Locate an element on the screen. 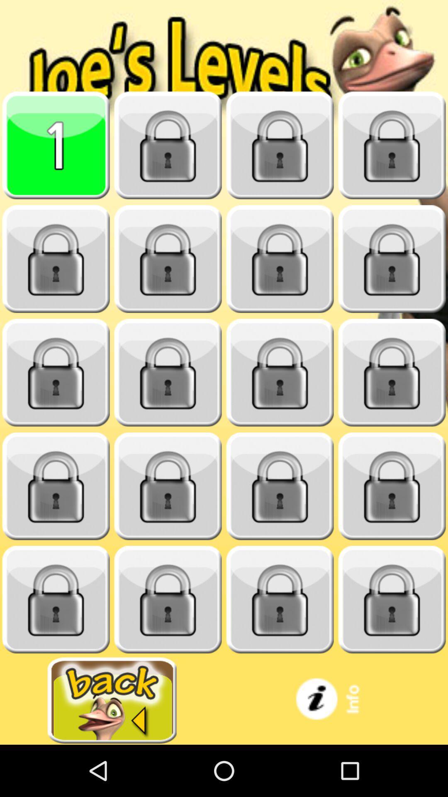 The height and width of the screenshot is (797, 448). unlock next level is located at coordinates (168, 145).